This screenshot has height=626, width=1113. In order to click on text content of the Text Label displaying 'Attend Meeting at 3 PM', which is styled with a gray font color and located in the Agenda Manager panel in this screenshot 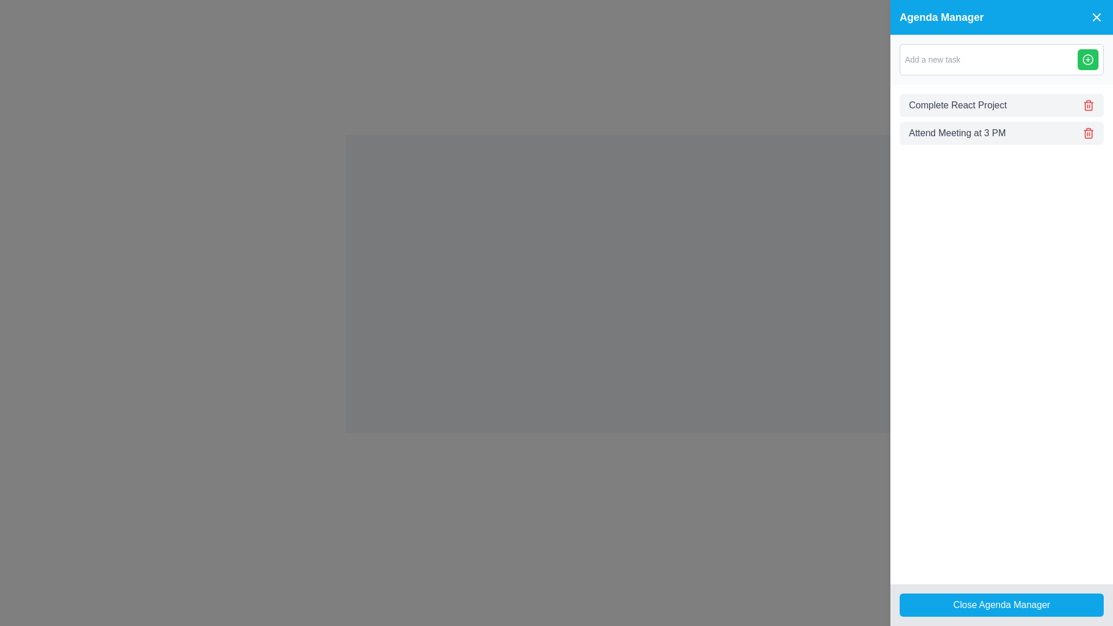, I will do `click(957, 133)`.